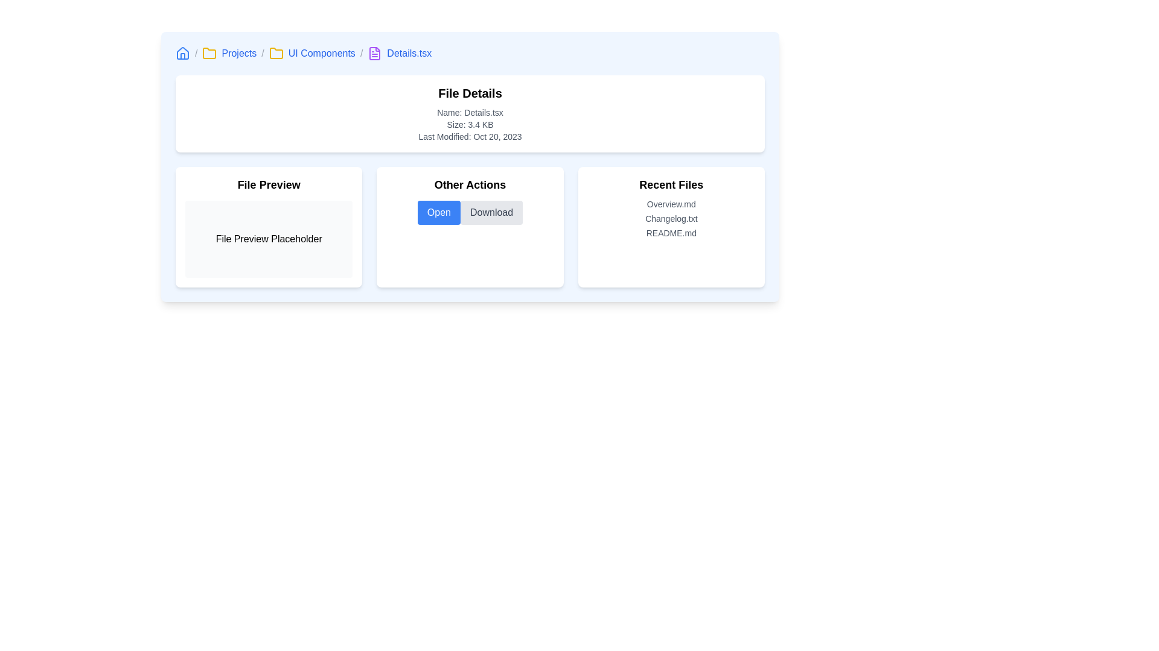 The height and width of the screenshot is (651, 1159). What do you see at coordinates (374, 52) in the screenshot?
I see `the file icon representing 'Details.tsx' located in the breadcrumb navigation bar at the top of the interface` at bounding box center [374, 52].